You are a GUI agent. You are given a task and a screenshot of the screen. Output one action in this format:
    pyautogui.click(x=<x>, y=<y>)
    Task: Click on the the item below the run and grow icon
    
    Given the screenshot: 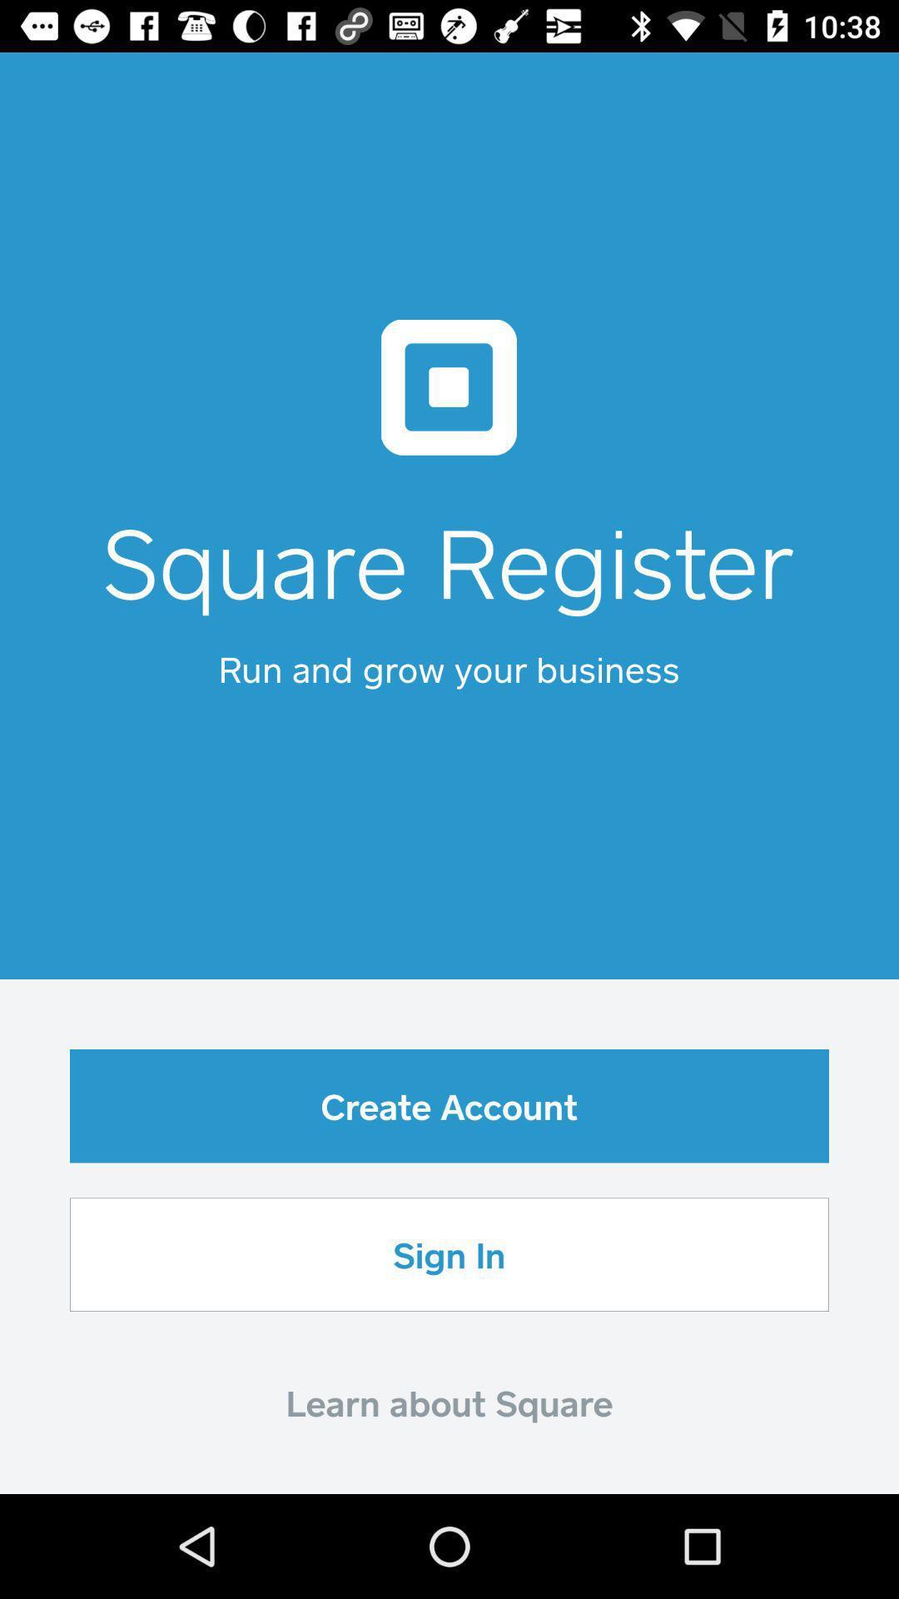 What is the action you would take?
    pyautogui.click(x=449, y=1106)
    